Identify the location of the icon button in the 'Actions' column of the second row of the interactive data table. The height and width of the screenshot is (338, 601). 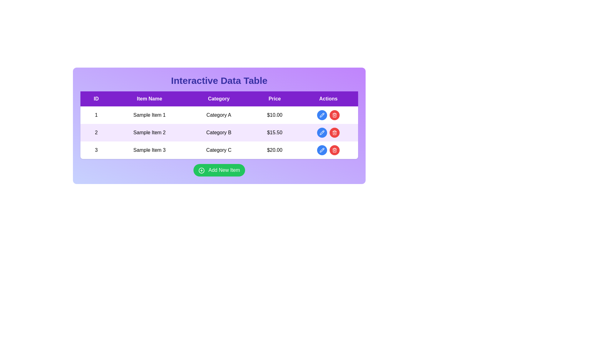
(322, 115).